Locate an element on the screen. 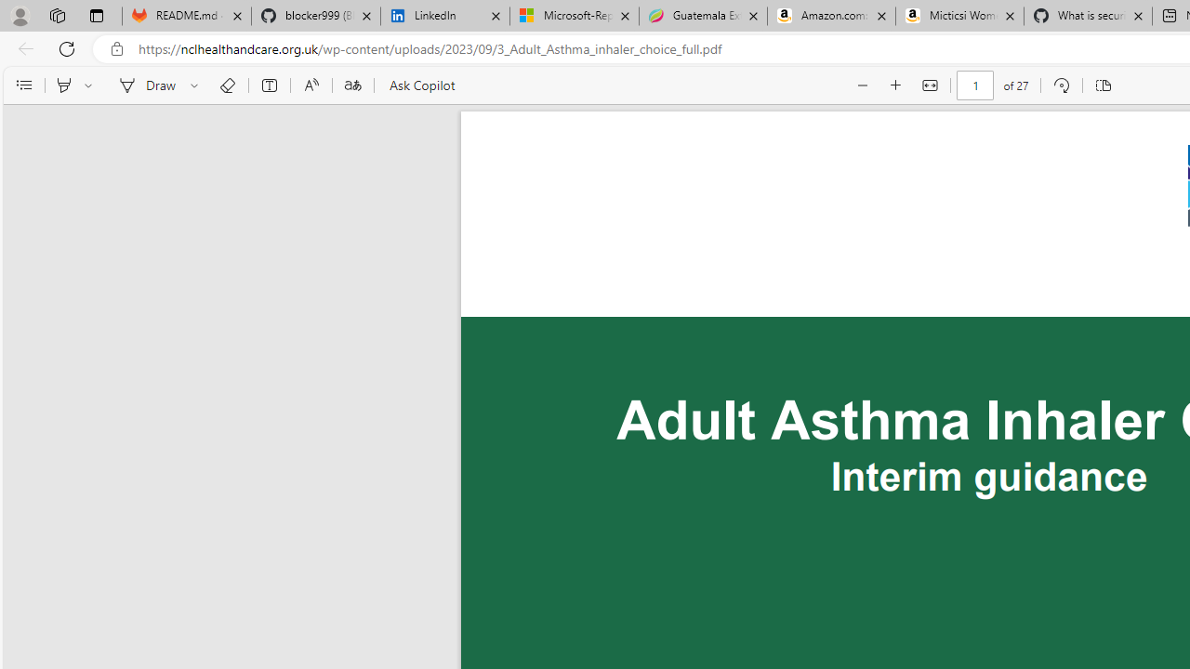  'Highlight' is located at coordinates (63, 85).